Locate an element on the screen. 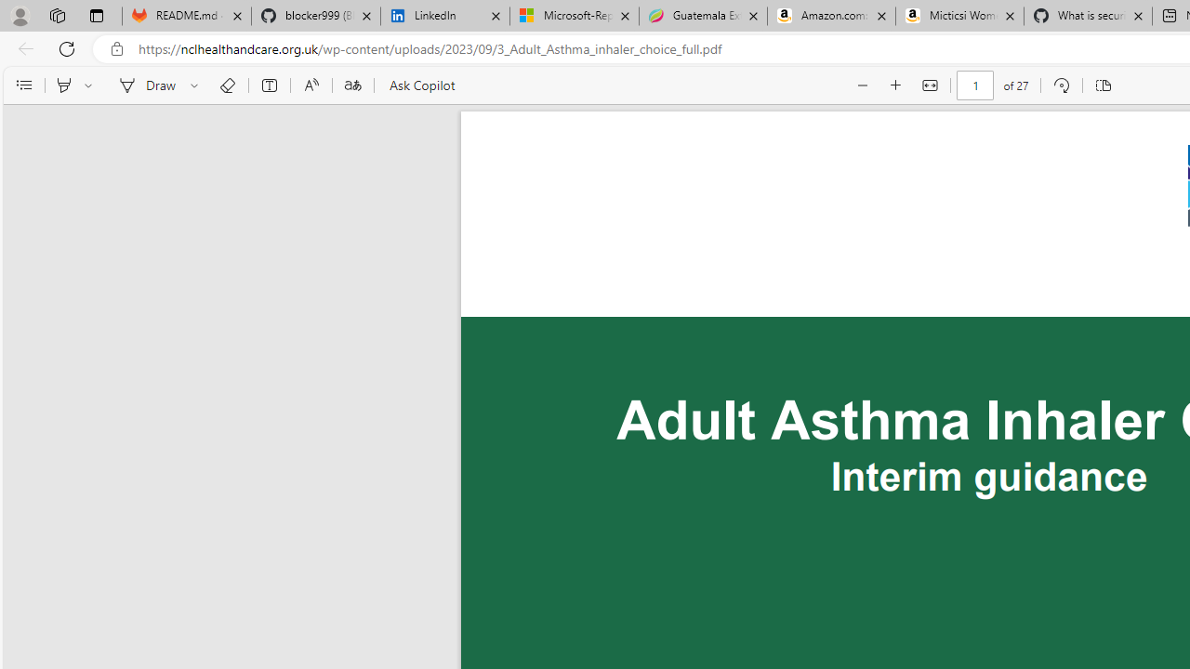  'Highlight' is located at coordinates (63, 85).